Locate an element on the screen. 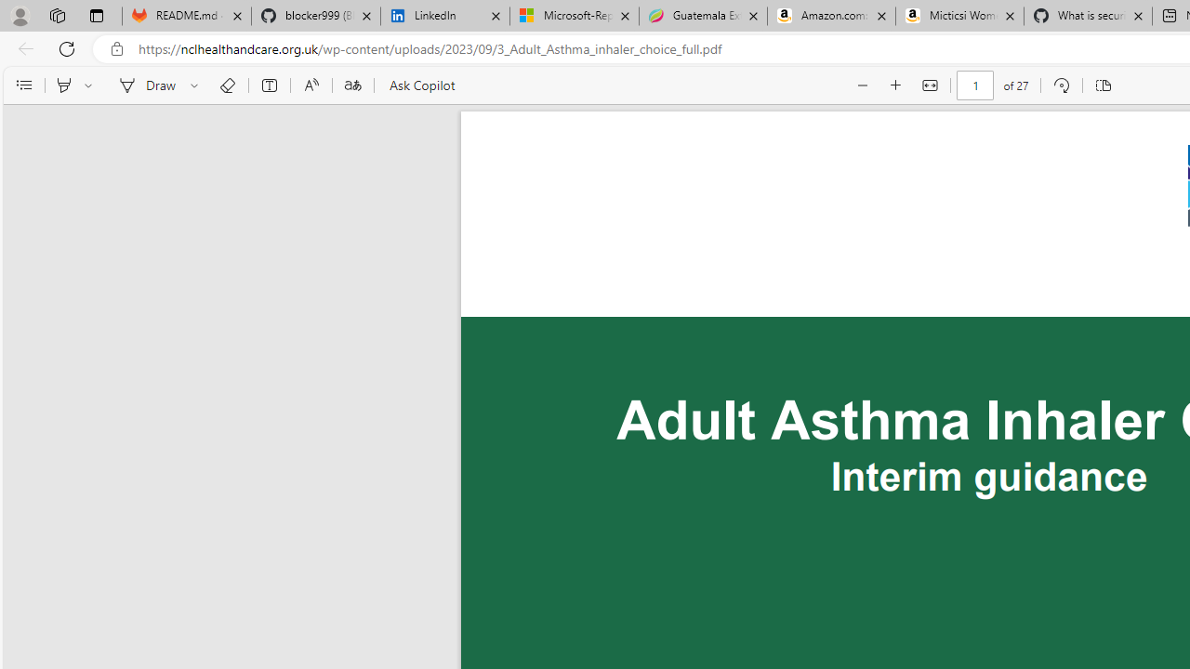  'Highlight' is located at coordinates (63, 85).